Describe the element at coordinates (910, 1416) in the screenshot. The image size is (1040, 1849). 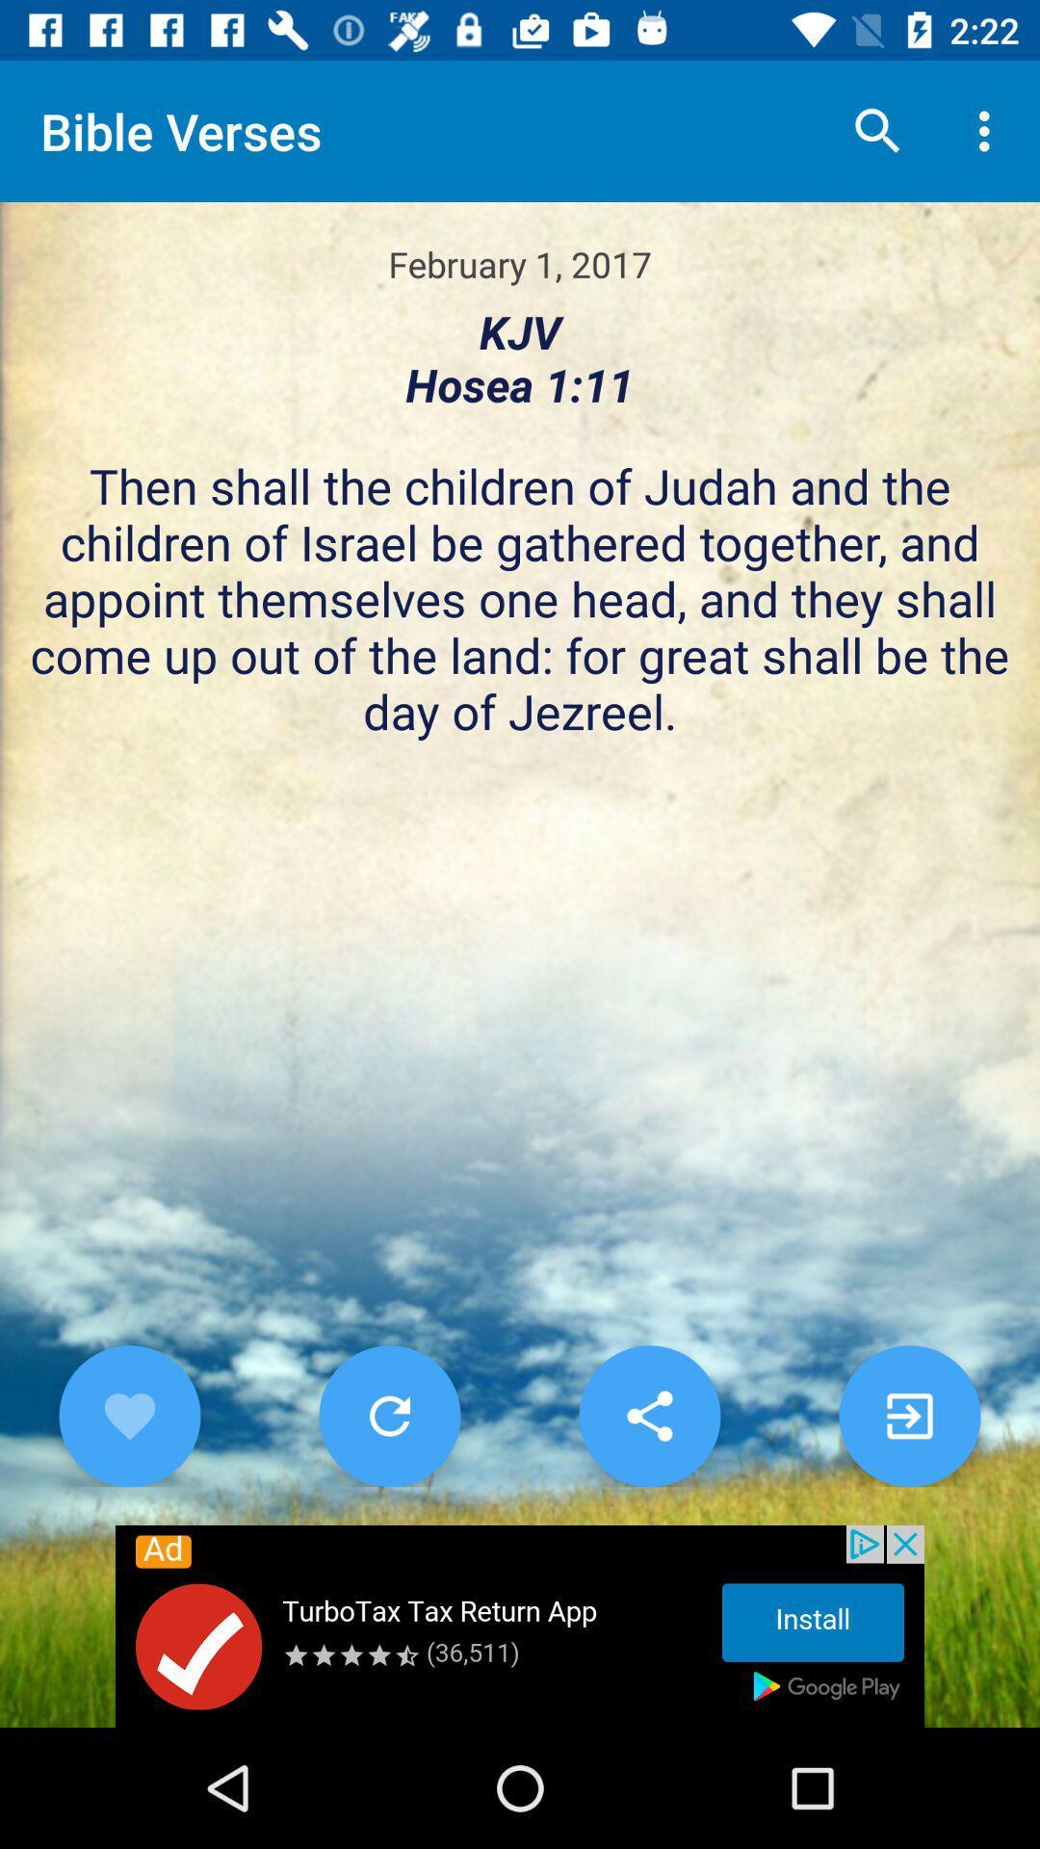
I see `gl` at that location.